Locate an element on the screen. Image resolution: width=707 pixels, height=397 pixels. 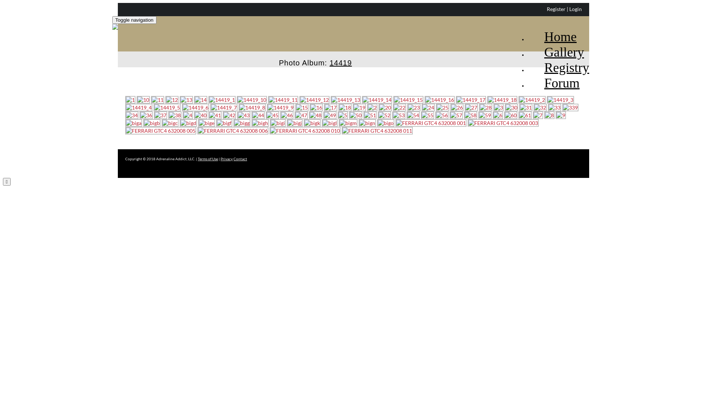
'34 (click to enlarge)' is located at coordinates (125, 115).